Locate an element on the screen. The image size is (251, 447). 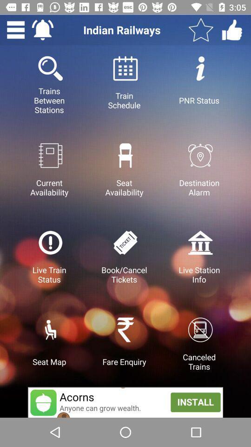
click notification is located at coordinates (42, 30).